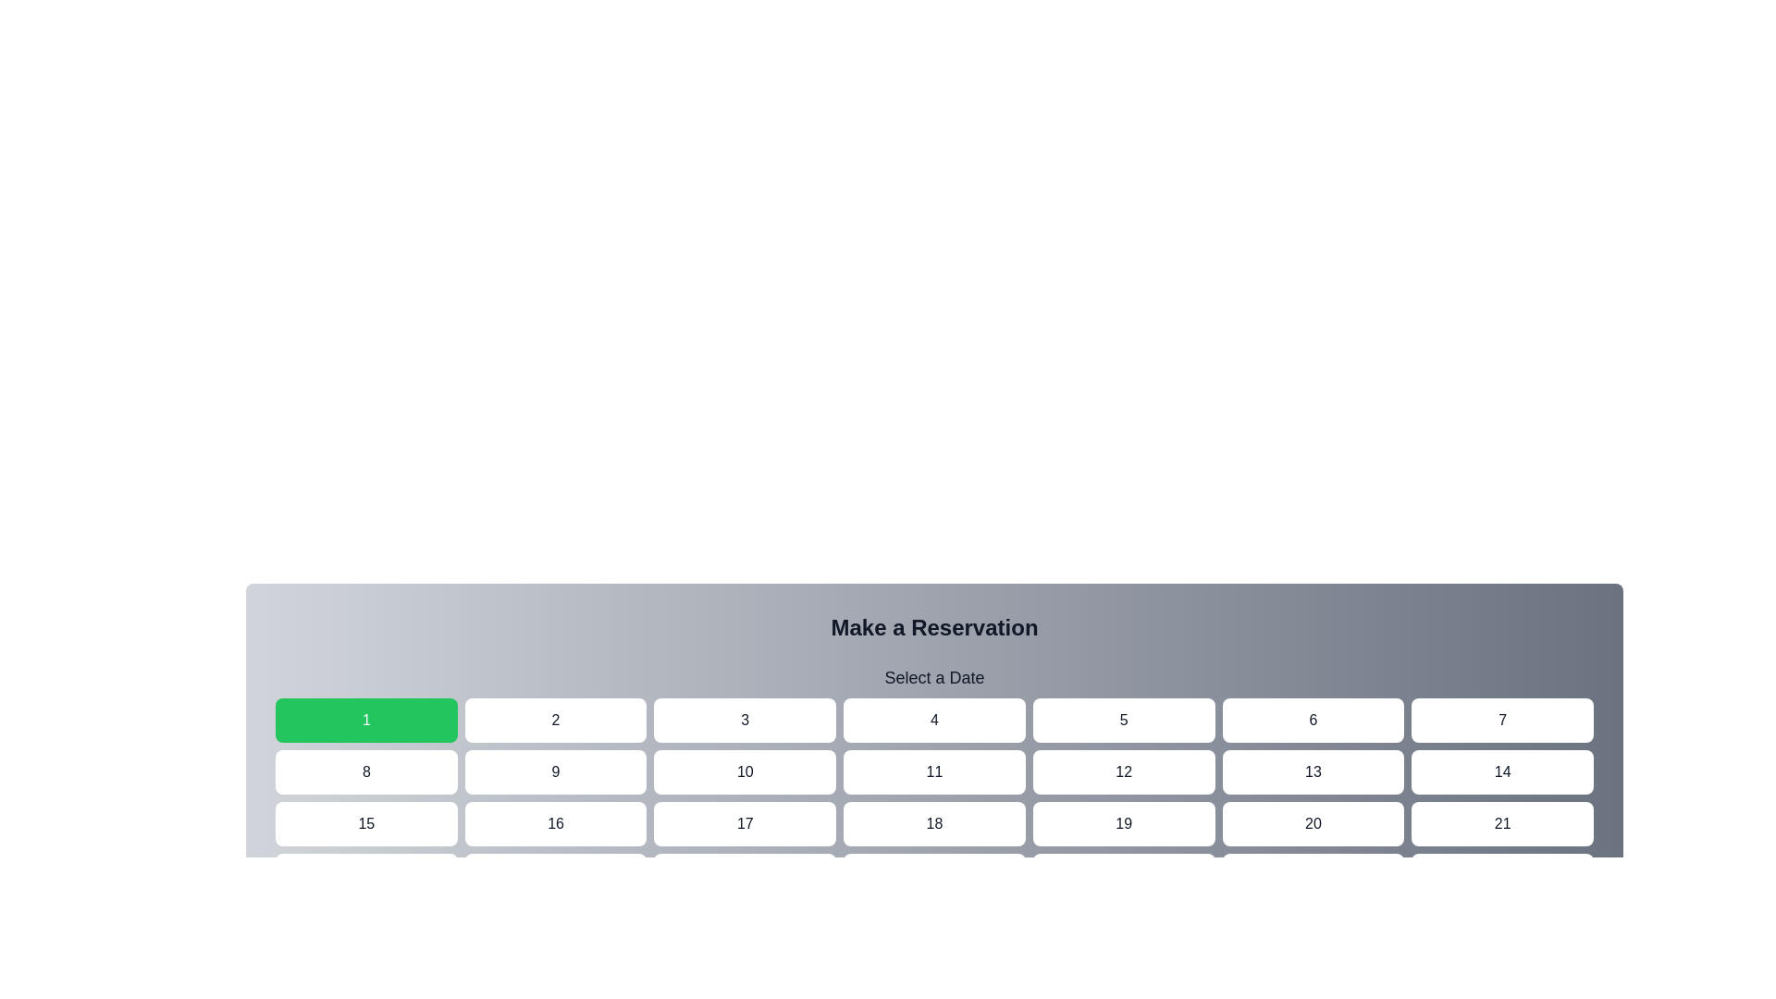 This screenshot has width=1776, height=999. What do you see at coordinates (555, 823) in the screenshot?
I see `the selectable button for the value '16', which is located in the third row and second column of a grid layout, positioned between the buttons labeled '15' and '17'` at bounding box center [555, 823].